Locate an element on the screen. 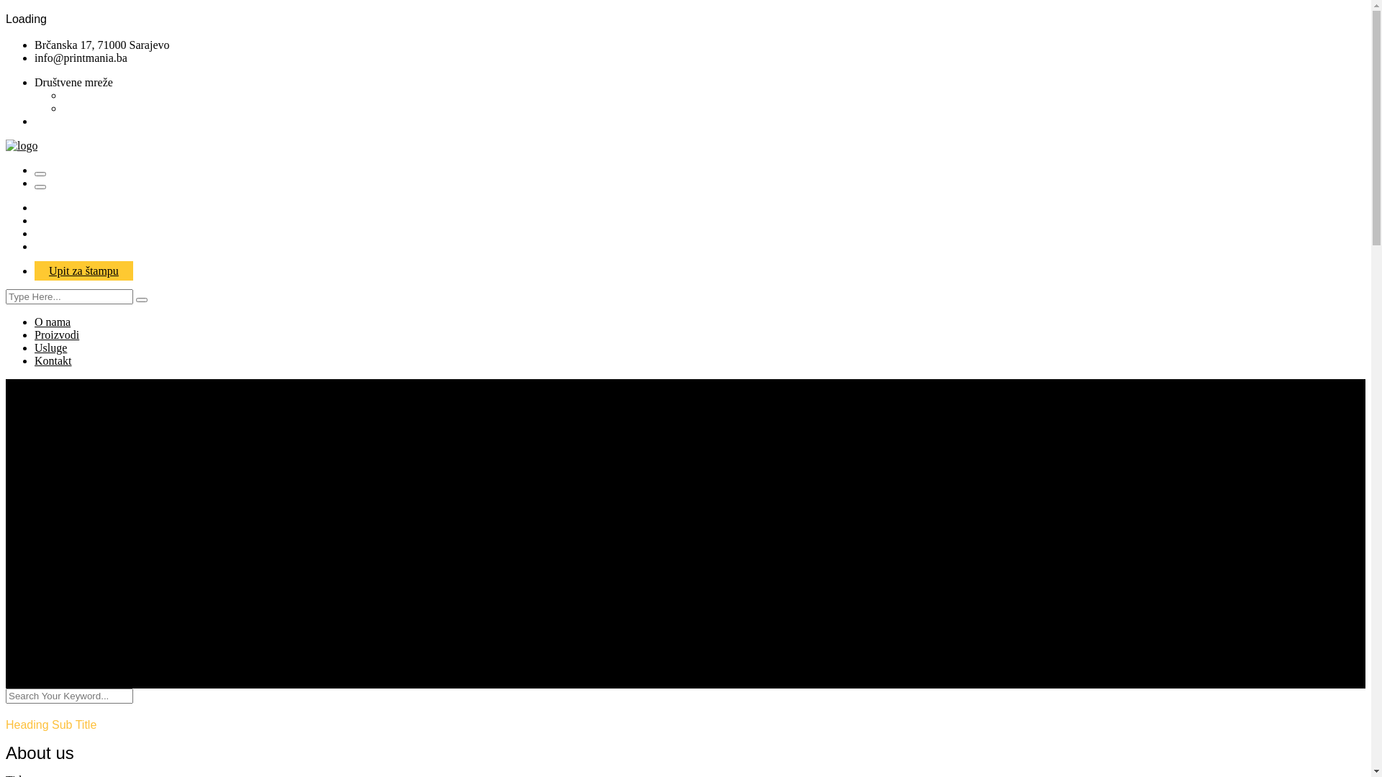  'O nama' is located at coordinates (35, 321).